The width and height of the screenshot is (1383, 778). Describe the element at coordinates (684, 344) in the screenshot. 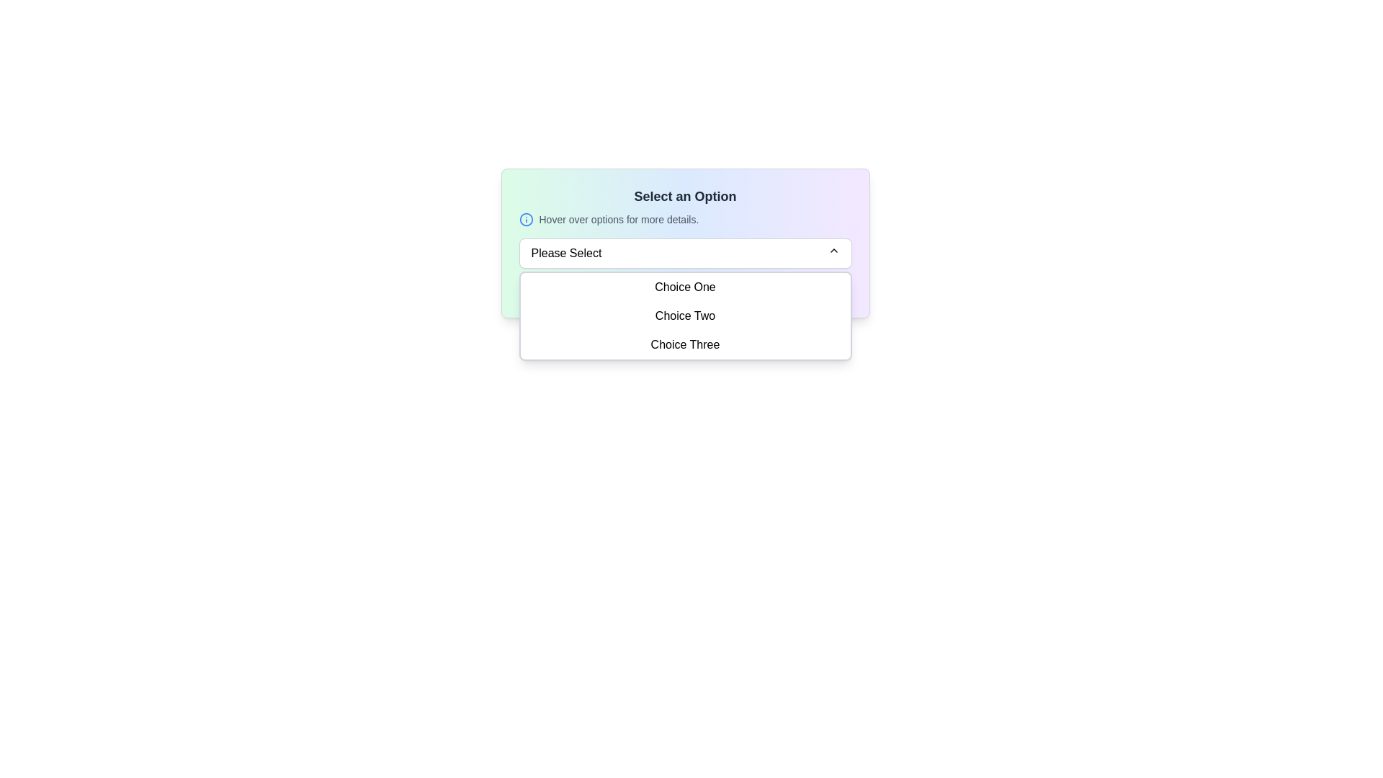

I see `the third option in the dropdown menu, labeled 'Choice Three'` at that location.